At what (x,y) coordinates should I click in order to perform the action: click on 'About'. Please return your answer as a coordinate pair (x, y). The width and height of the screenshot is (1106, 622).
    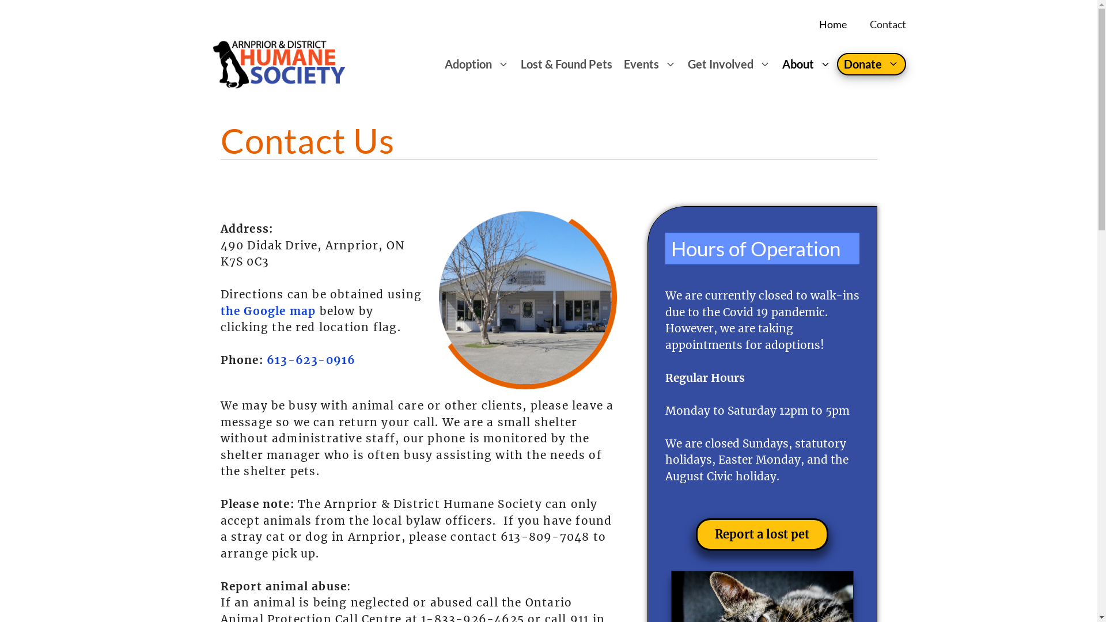
    Looking at the image, I should click on (806, 64).